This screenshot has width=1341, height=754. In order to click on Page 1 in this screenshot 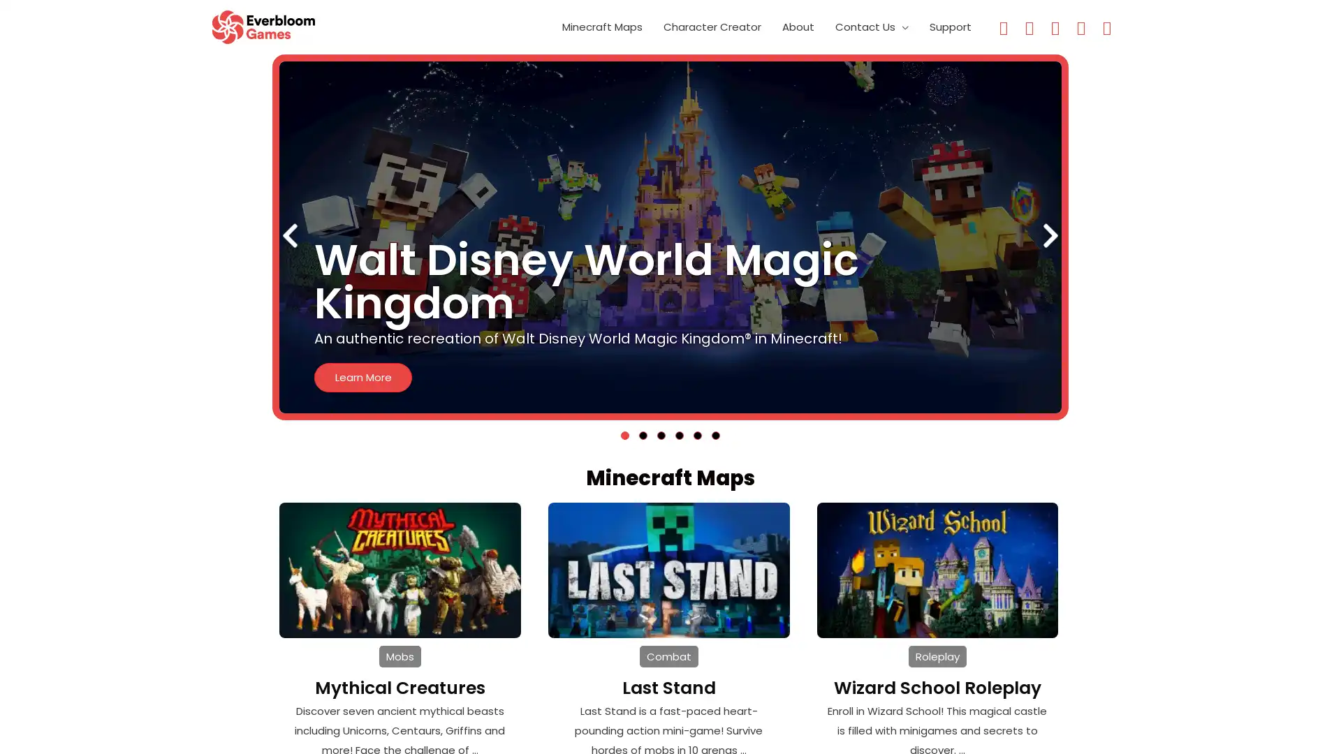, I will do `click(624, 434)`.